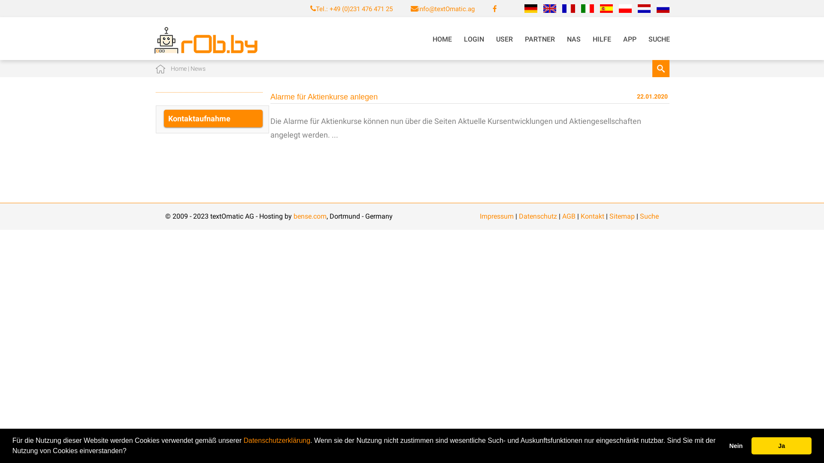 This screenshot has width=824, height=463. I want to click on 'SUCHE', so click(659, 39).